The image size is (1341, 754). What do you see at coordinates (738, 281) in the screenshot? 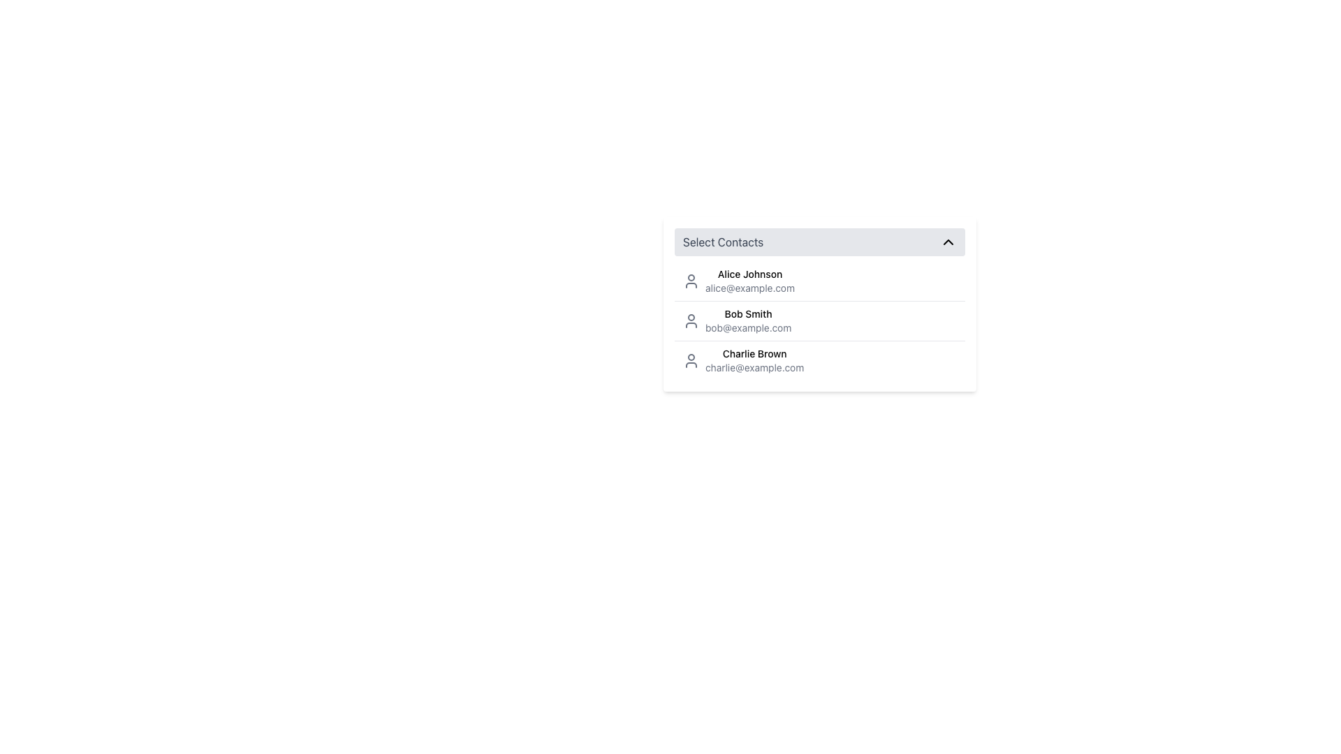
I see `the first contact entry in the 'Select Contacts' list, which displays the user's name and contact information` at bounding box center [738, 281].